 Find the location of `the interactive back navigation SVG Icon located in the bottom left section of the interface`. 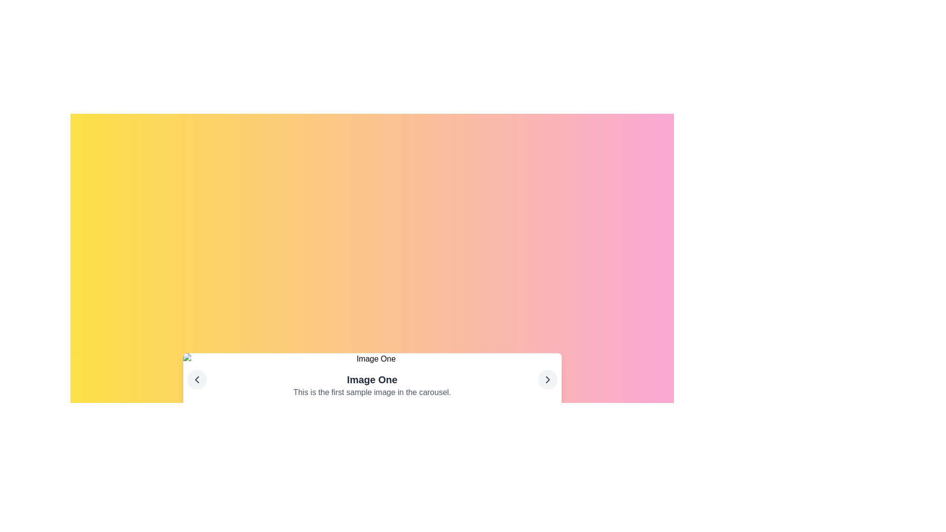

the interactive back navigation SVG Icon located in the bottom left section of the interface is located at coordinates (197, 379).